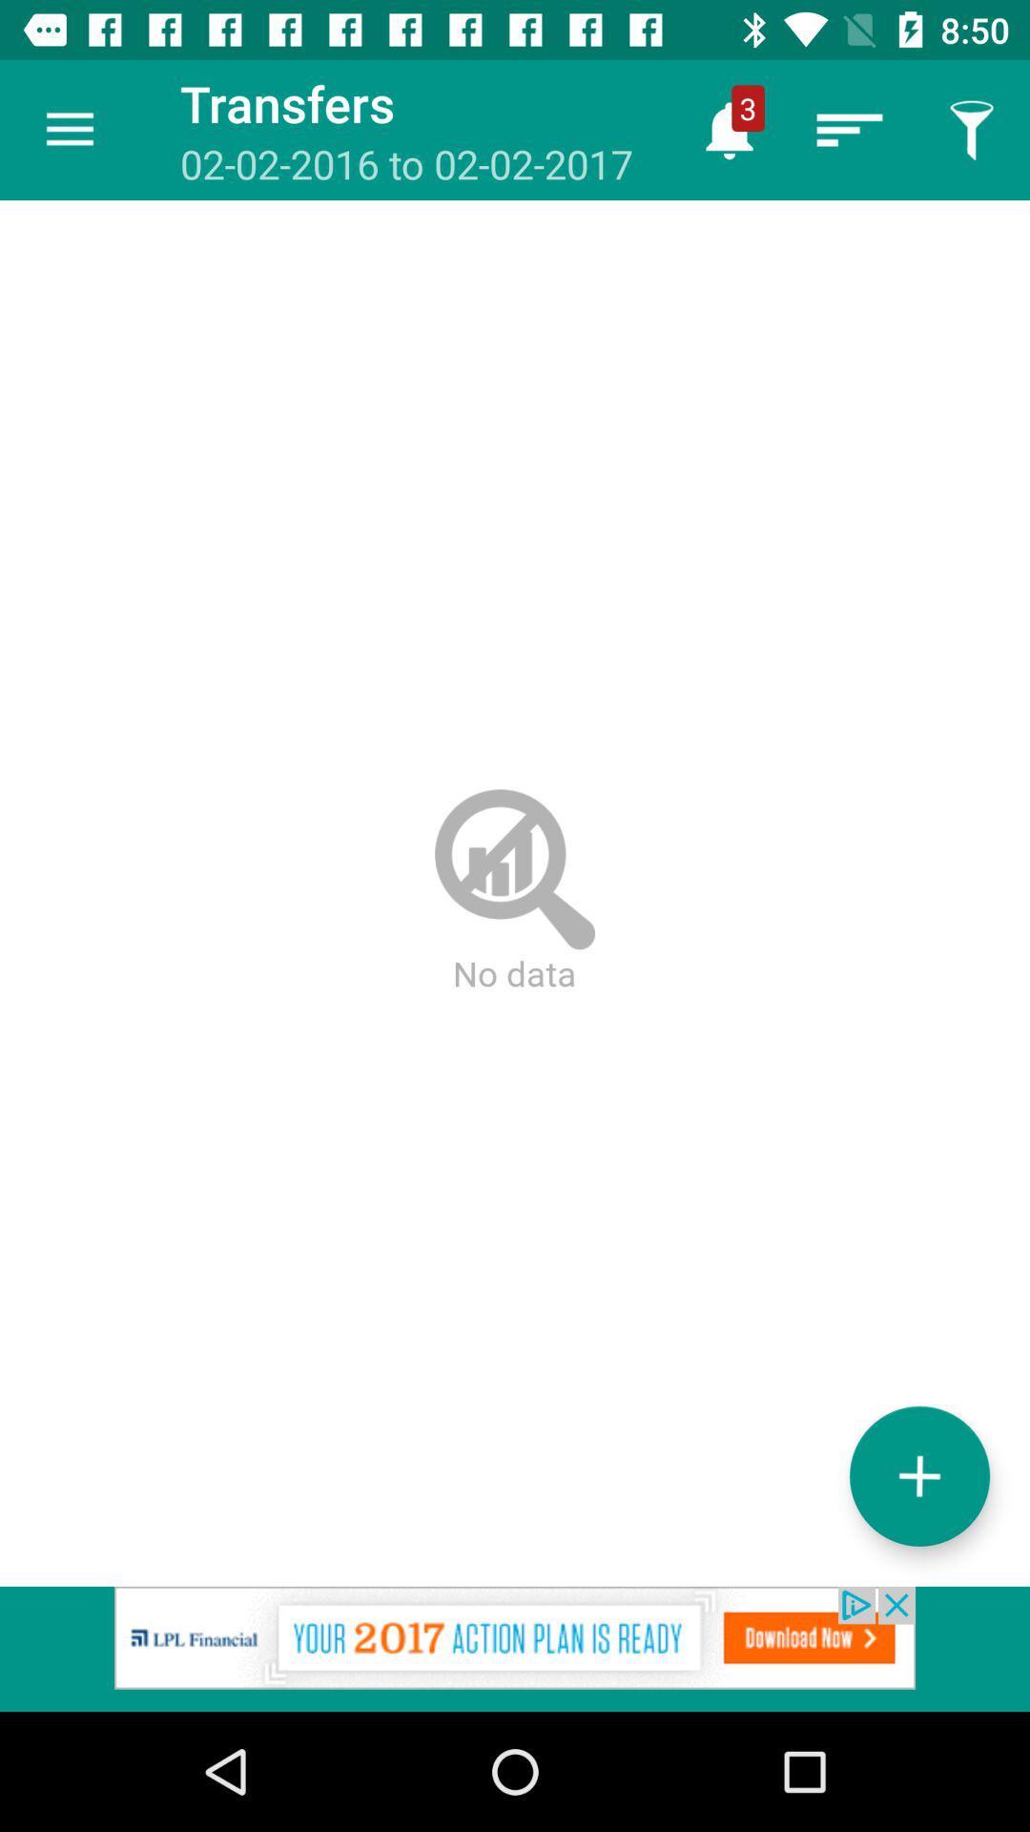 This screenshot has width=1030, height=1832. What do you see at coordinates (918, 1475) in the screenshot?
I see `the add icon` at bounding box center [918, 1475].